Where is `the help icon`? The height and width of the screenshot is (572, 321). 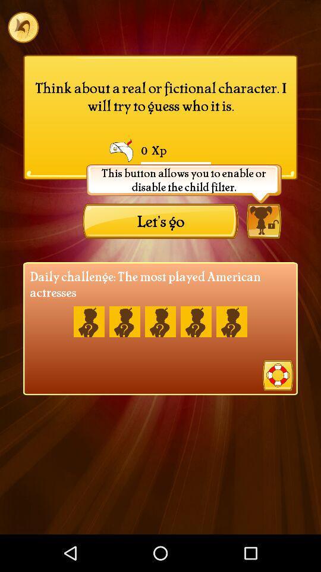
the help icon is located at coordinates (278, 402).